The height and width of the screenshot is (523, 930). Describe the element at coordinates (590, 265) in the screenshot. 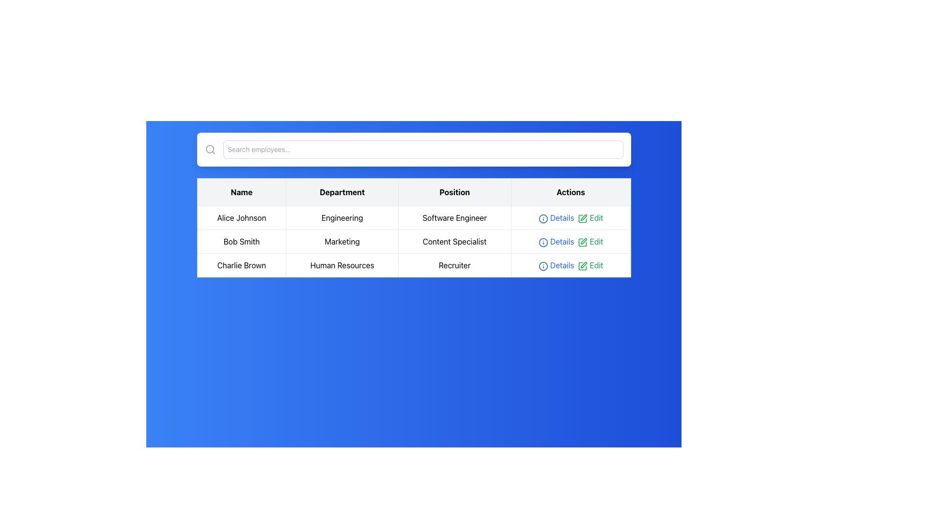

I see `the green-colored, underlined 'Edit' hyperlink with an icon of a square and pen, located in the 'Actions' column of the last row of the table` at that location.